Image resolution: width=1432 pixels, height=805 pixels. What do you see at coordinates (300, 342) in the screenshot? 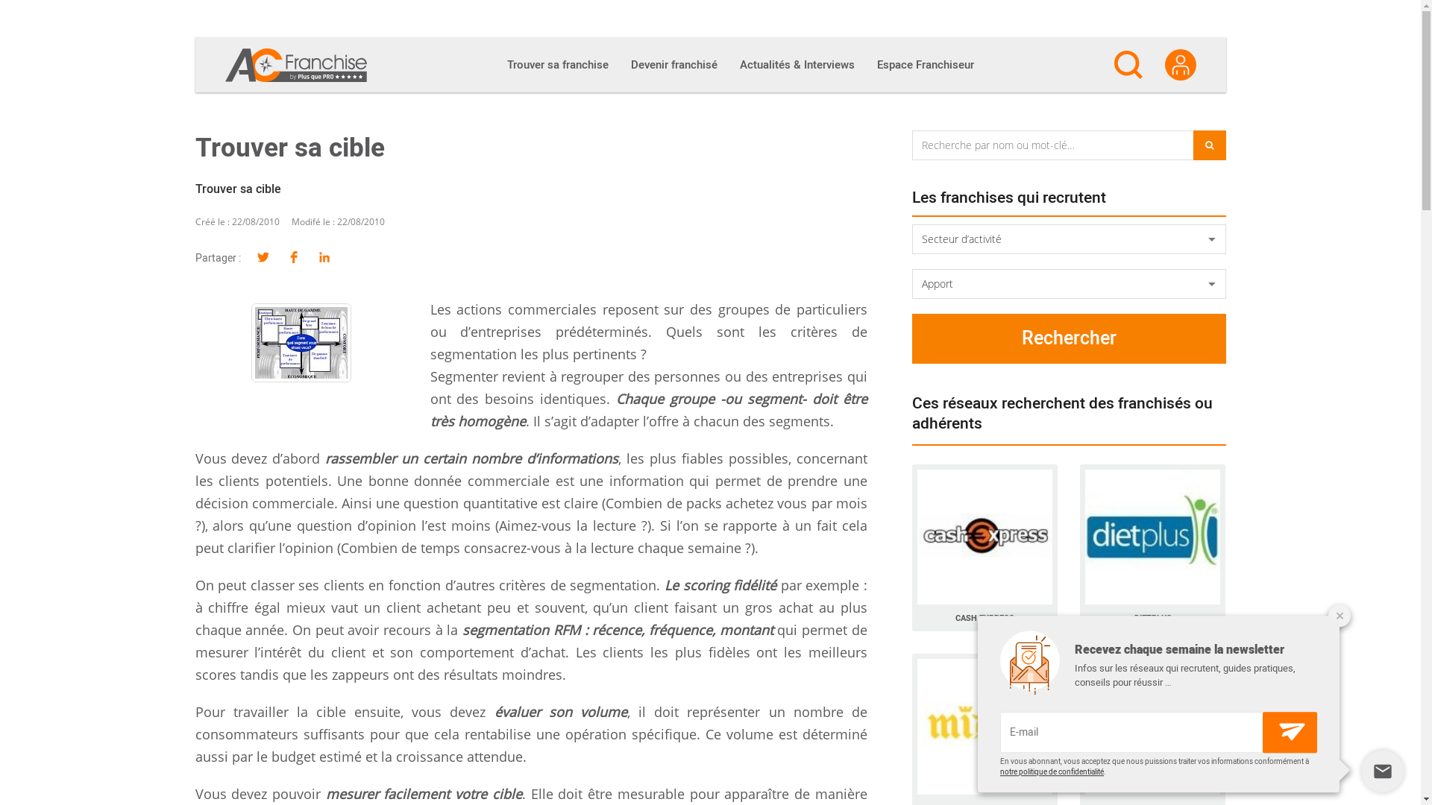
I see `' '` at bounding box center [300, 342].